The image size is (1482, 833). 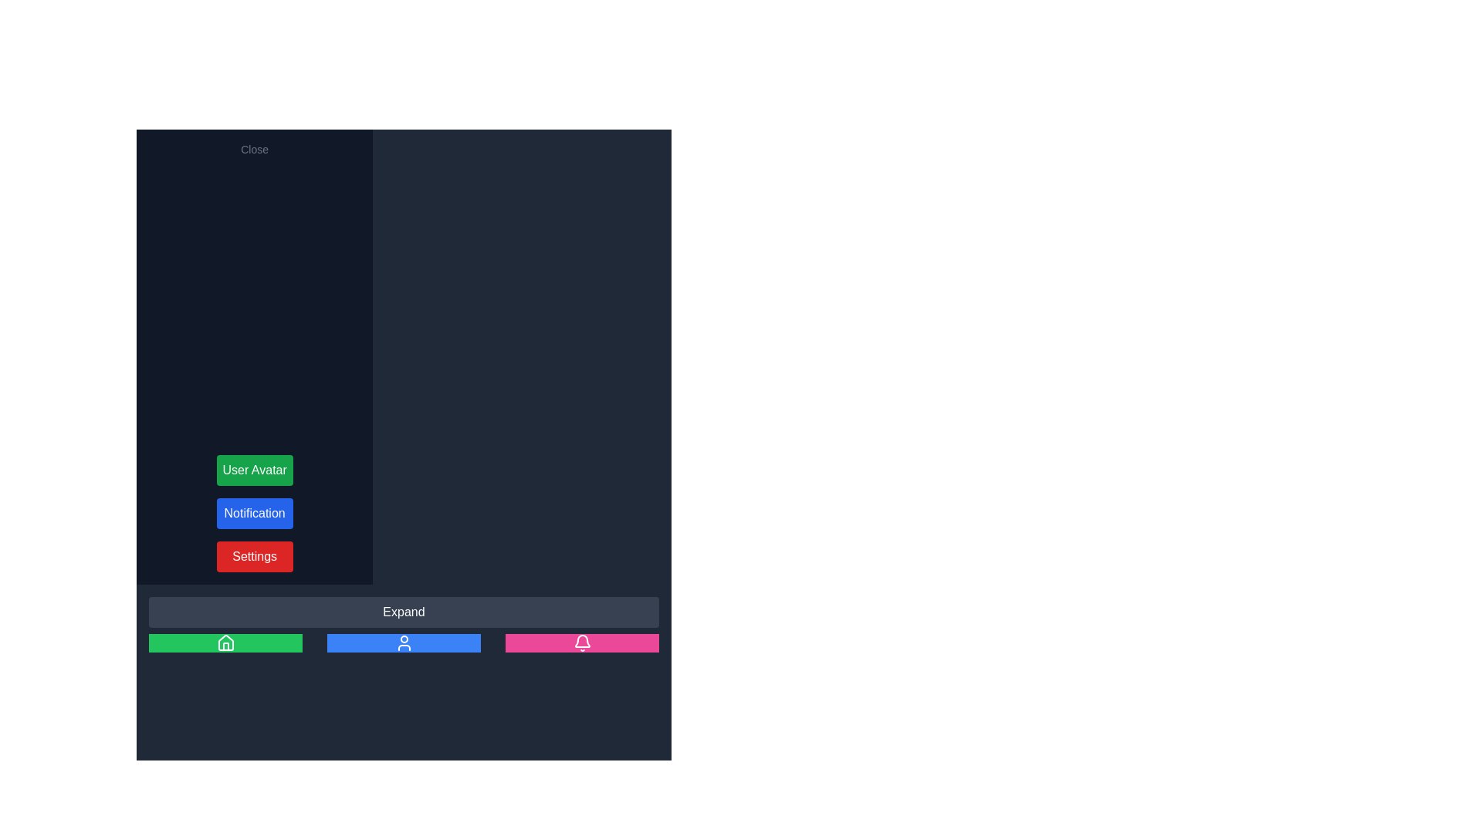 I want to click on the red 'Settings' button with rounded corners, so click(x=255, y=556).